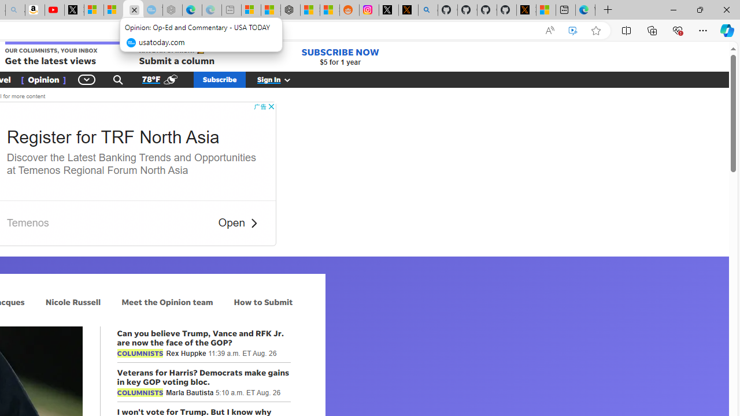  What do you see at coordinates (133, 10) in the screenshot?
I see `'Opinion: Op-Ed and Commentary - USA TODAY'` at bounding box center [133, 10].